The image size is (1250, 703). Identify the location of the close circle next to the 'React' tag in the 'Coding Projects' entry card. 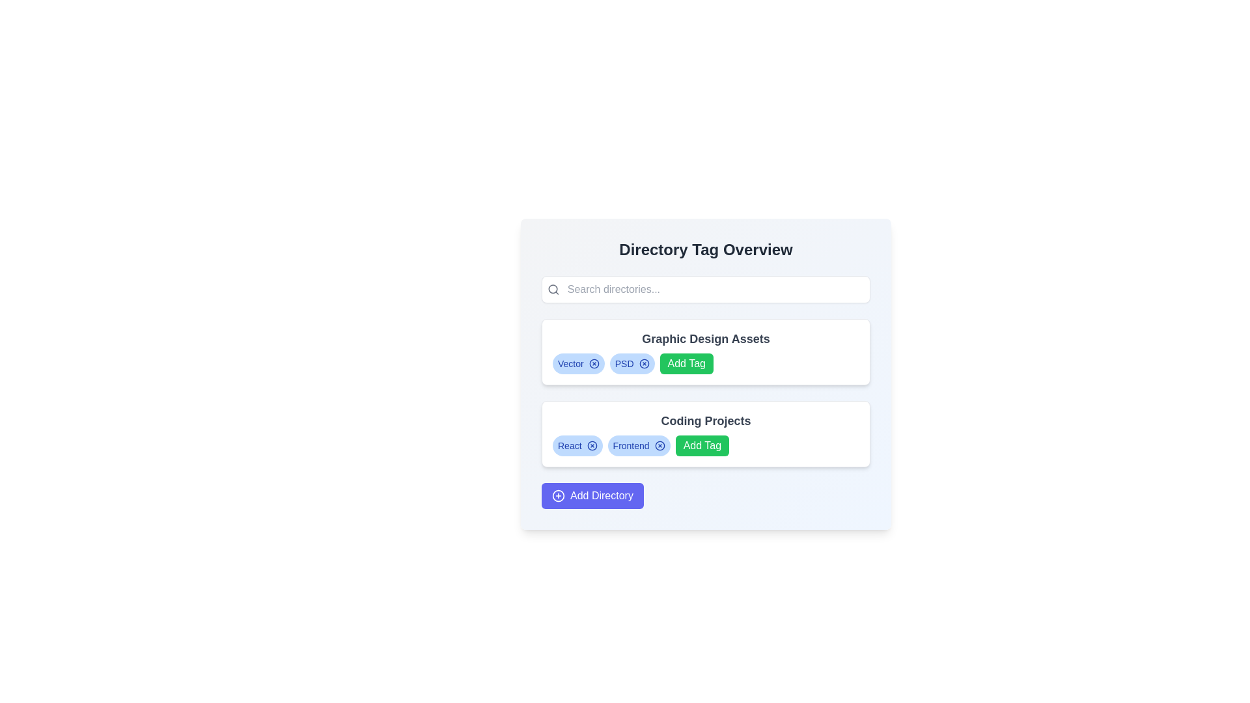
(591, 445).